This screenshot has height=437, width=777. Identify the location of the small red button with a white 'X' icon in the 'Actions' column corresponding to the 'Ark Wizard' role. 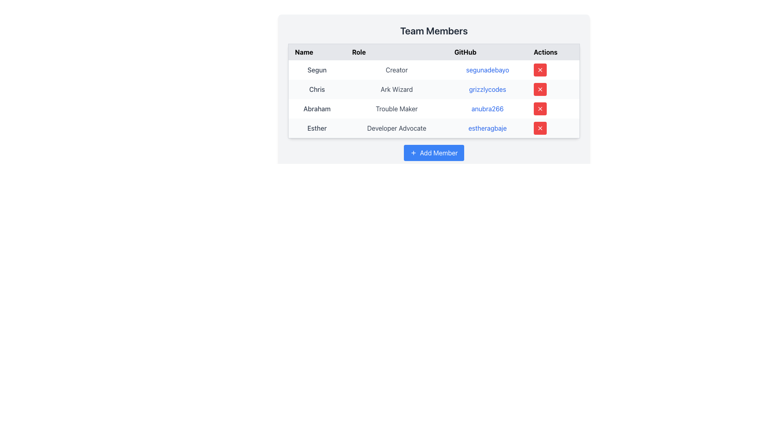
(540, 70).